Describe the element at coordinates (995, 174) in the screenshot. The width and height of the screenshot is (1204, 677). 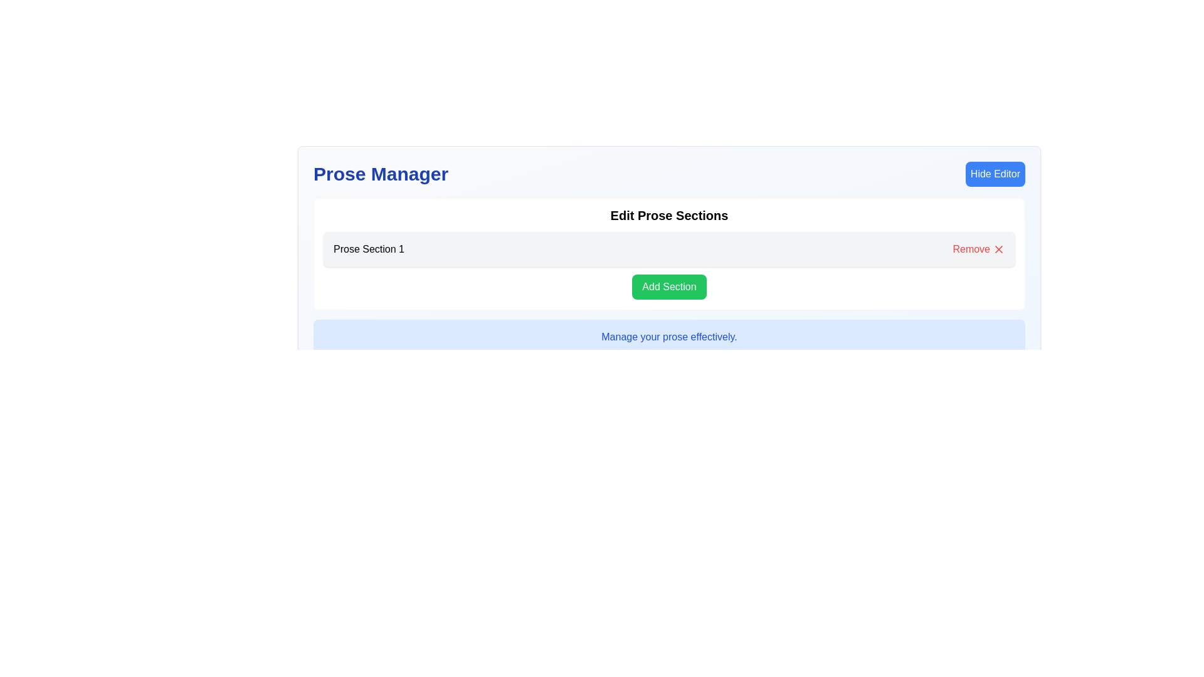
I see `the button in the top-right corner of the interface to hide the editor section` at that location.